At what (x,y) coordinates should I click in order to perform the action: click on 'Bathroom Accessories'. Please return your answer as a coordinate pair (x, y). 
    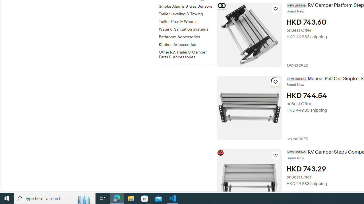
    Looking at the image, I should click on (186, 37).